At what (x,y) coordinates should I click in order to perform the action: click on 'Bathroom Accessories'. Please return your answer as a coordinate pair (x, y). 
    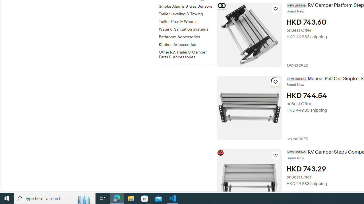
    Looking at the image, I should click on (186, 37).